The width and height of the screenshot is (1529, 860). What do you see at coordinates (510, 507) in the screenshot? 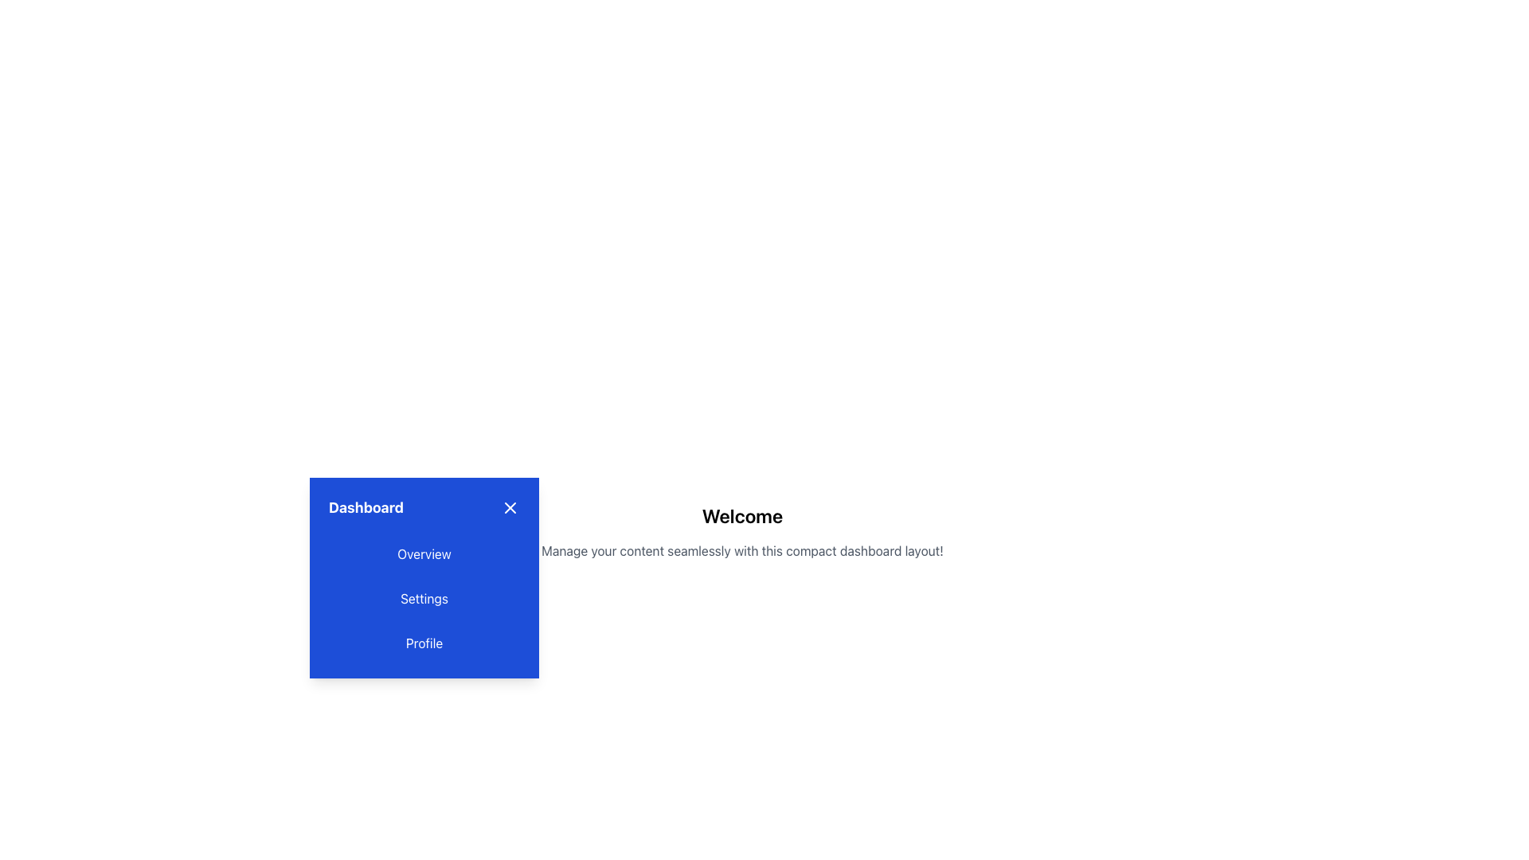
I see `the 'X' icon button located at the top-right corner of the blue 'Dashboard' panel to interact with it` at bounding box center [510, 507].